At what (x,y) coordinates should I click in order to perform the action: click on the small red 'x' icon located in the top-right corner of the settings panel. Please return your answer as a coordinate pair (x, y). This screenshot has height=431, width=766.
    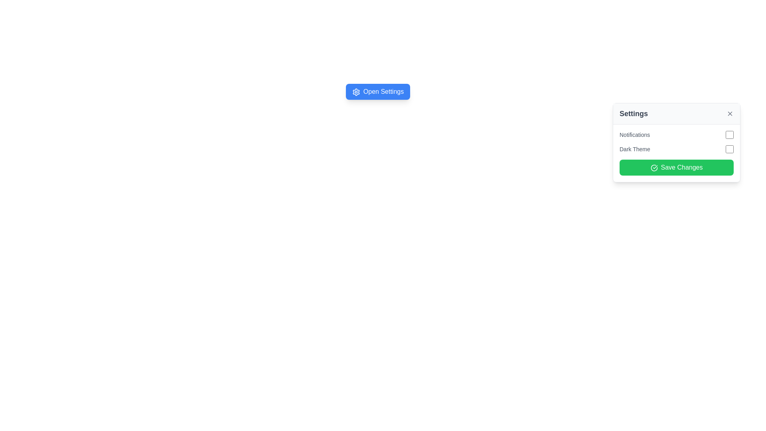
    Looking at the image, I should click on (730, 114).